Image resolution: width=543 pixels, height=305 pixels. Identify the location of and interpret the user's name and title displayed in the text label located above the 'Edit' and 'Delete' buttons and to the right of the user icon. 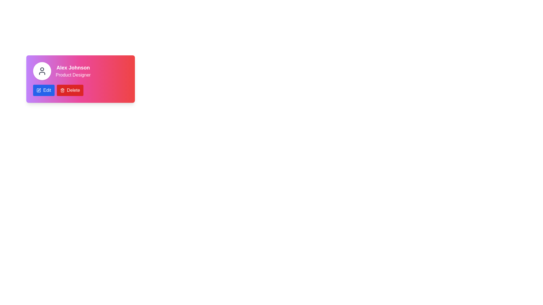
(80, 71).